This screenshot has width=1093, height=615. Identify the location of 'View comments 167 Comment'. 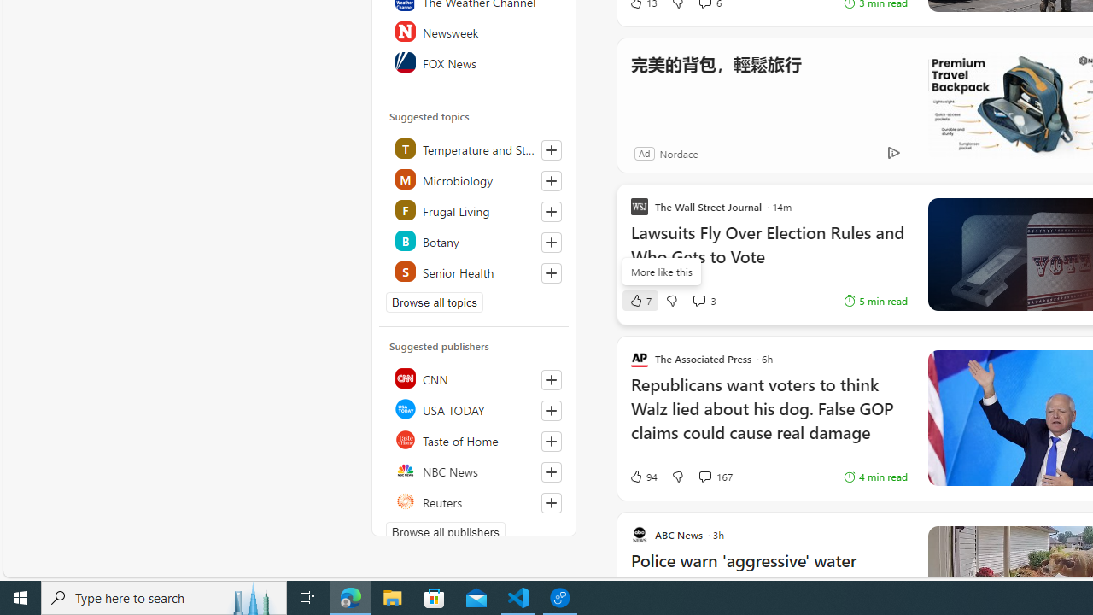
(704, 477).